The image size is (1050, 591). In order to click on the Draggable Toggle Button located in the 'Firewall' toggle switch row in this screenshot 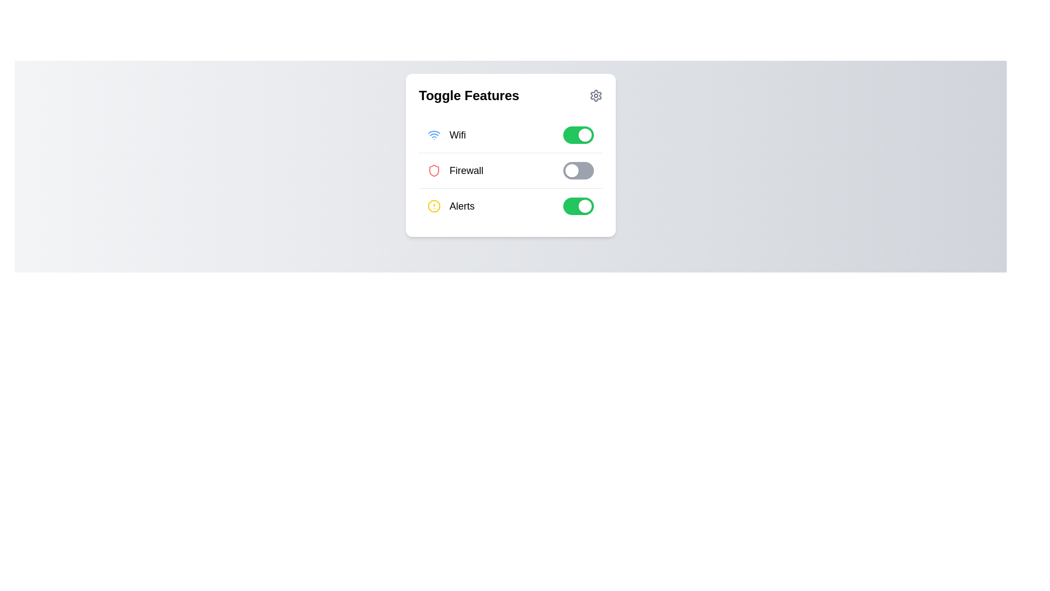, I will do `click(571, 171)`.